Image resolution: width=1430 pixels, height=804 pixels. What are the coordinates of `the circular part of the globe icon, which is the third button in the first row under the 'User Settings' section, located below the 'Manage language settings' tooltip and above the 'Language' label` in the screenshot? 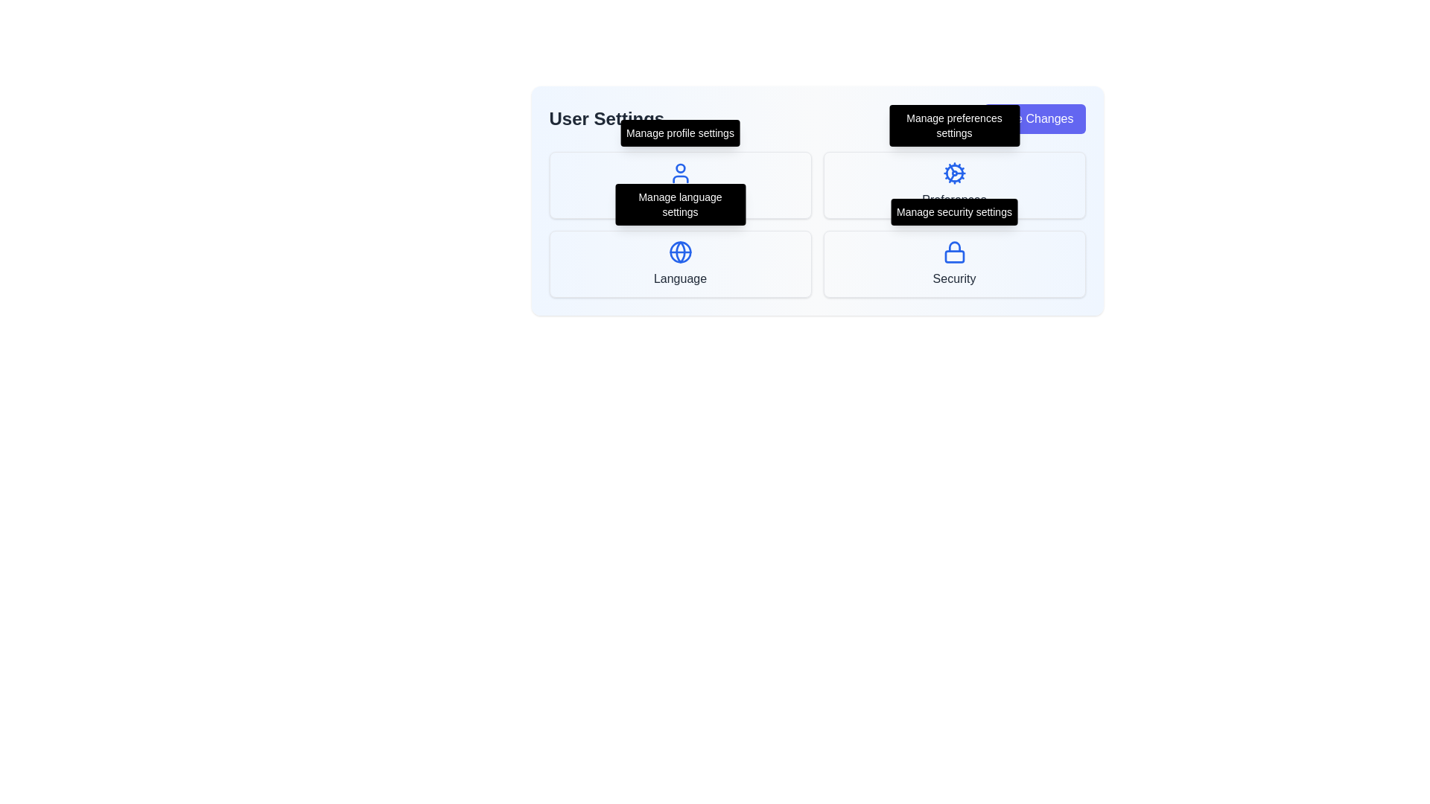 It's located at (679, 252).